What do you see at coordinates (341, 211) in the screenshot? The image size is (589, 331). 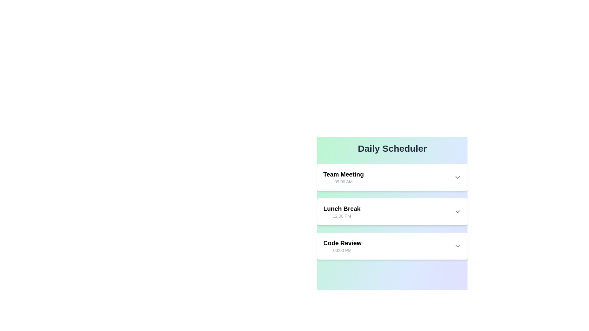 I see `the 'Lunch Break' text label which displays 'Lunch Break' in bold and '12:00 PM' in smaller gray font, located in the middle of the schedule list interface` at bounding box center [341, 211].